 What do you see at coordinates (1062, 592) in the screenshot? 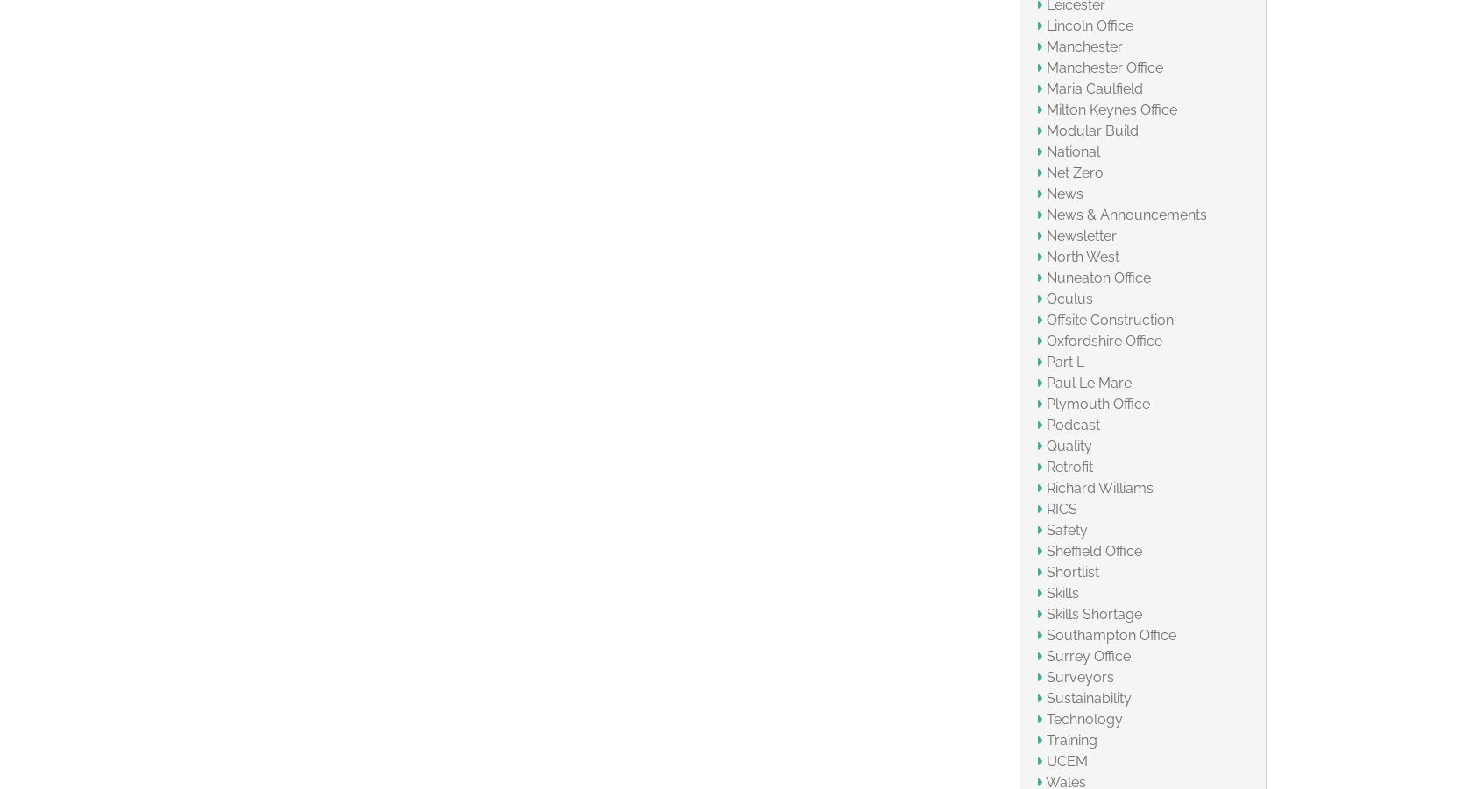
I see `'Skills'` at bounding box center [1062, 592].